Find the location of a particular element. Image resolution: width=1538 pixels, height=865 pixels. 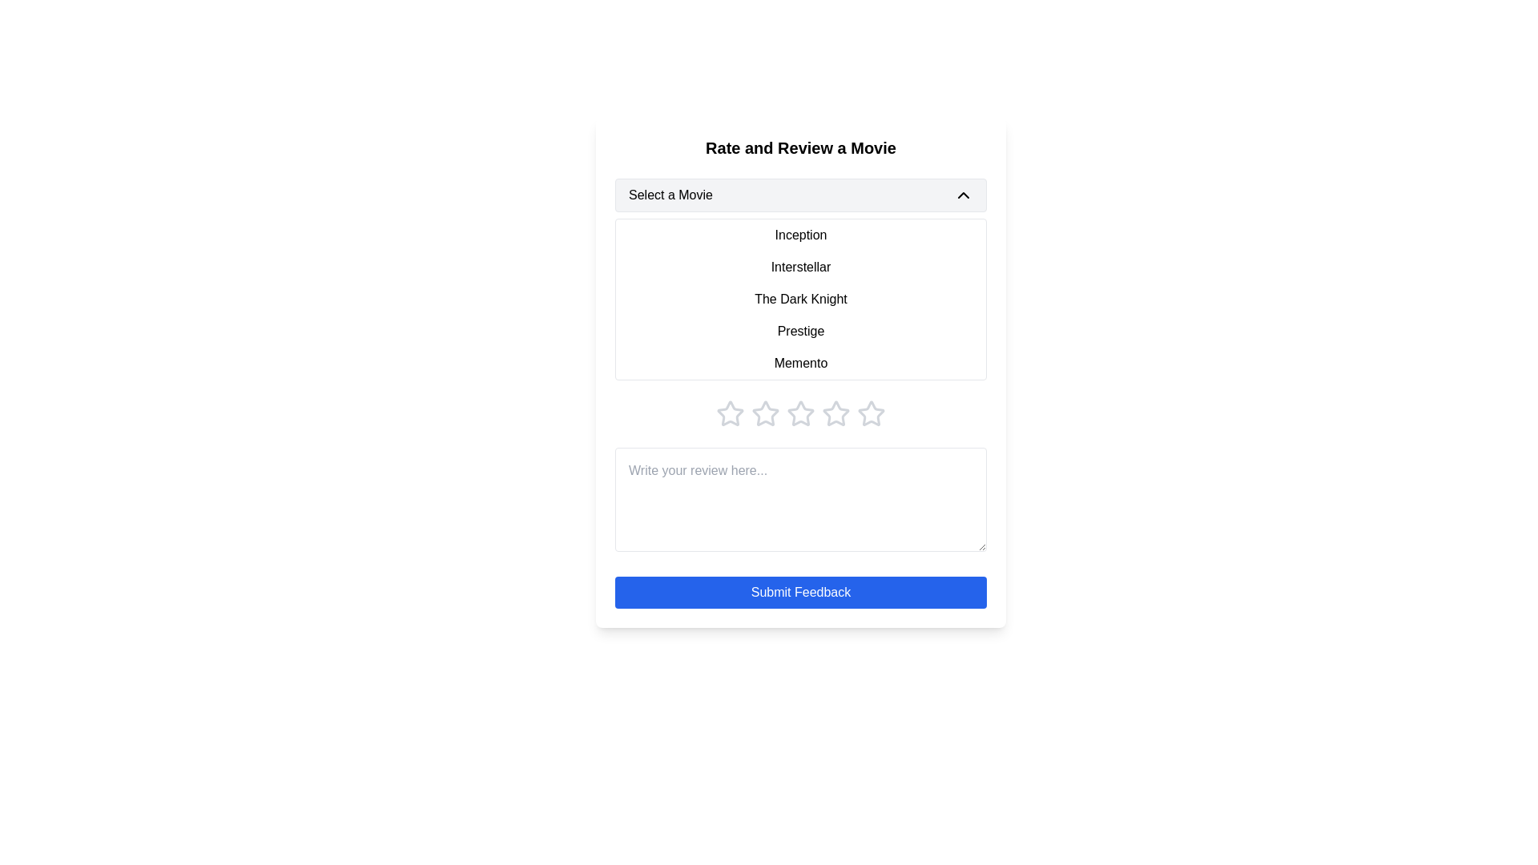

the star icon for rating is located at coordinates (730, 412).